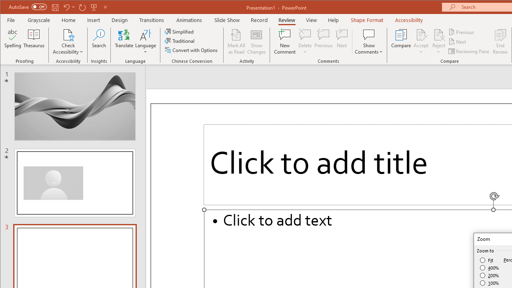 The width and height of the screenshot is (512, 288). Describe the element at coordinates (256, 42) in the screenshot. I see `'Show Changes'` at that location.